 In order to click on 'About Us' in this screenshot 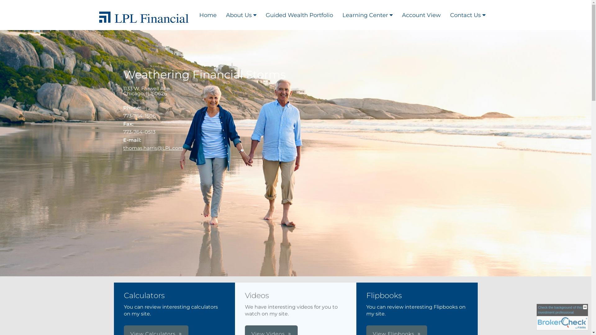, I will do `click(241, 14)`.